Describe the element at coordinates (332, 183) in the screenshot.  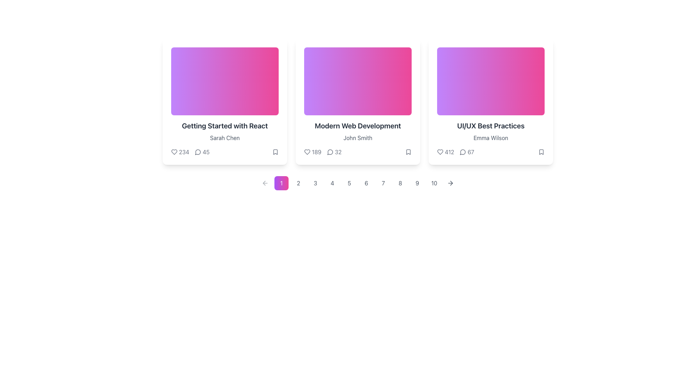
I see `the fourth button in the pagination bar` at that location.